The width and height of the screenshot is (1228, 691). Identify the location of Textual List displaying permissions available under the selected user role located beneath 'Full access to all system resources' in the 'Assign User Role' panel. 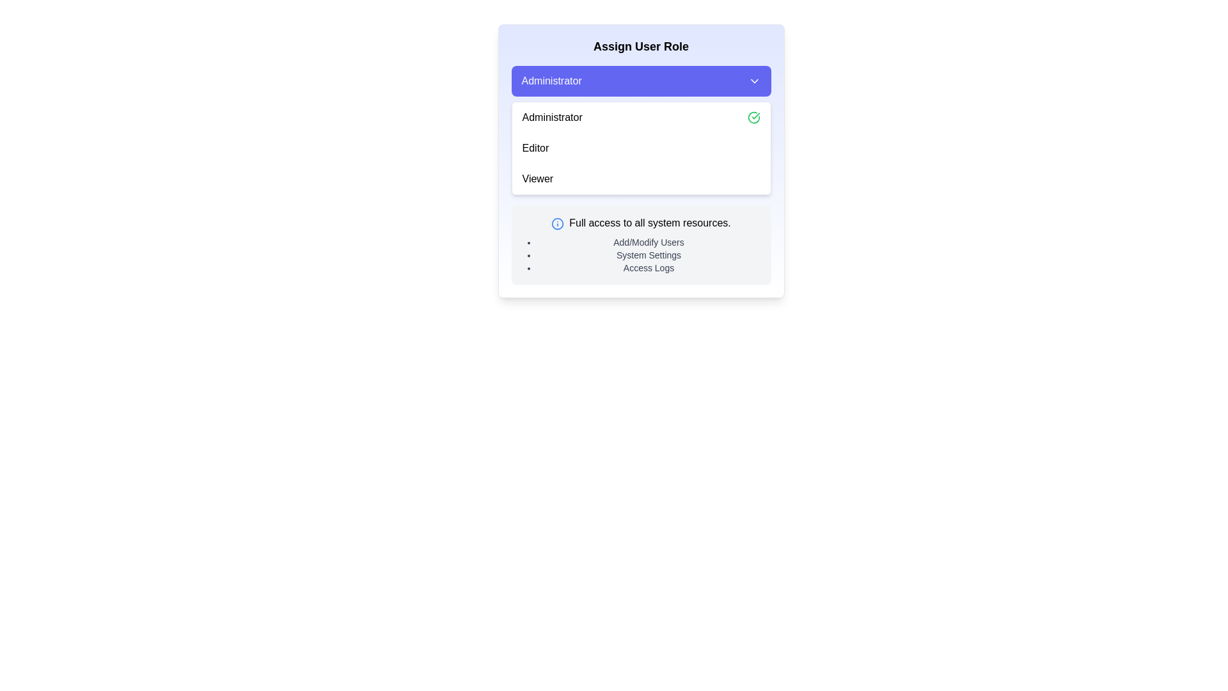
(649, 255).